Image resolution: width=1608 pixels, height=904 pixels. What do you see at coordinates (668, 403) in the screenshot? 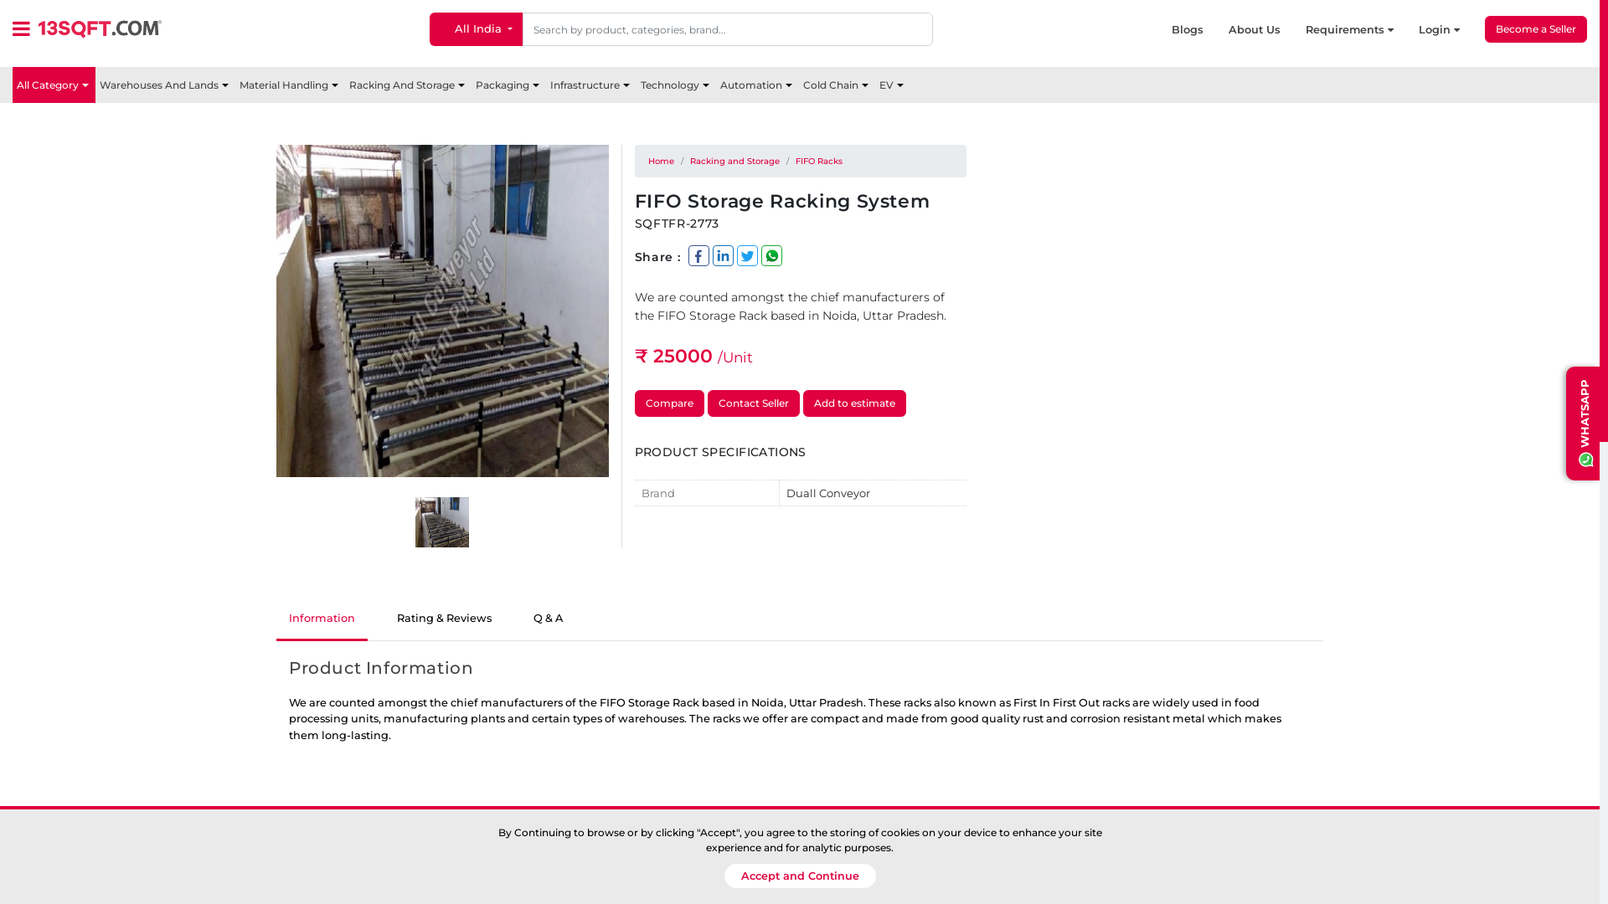
I see `'Compare'` at bounding box center [668, 403].